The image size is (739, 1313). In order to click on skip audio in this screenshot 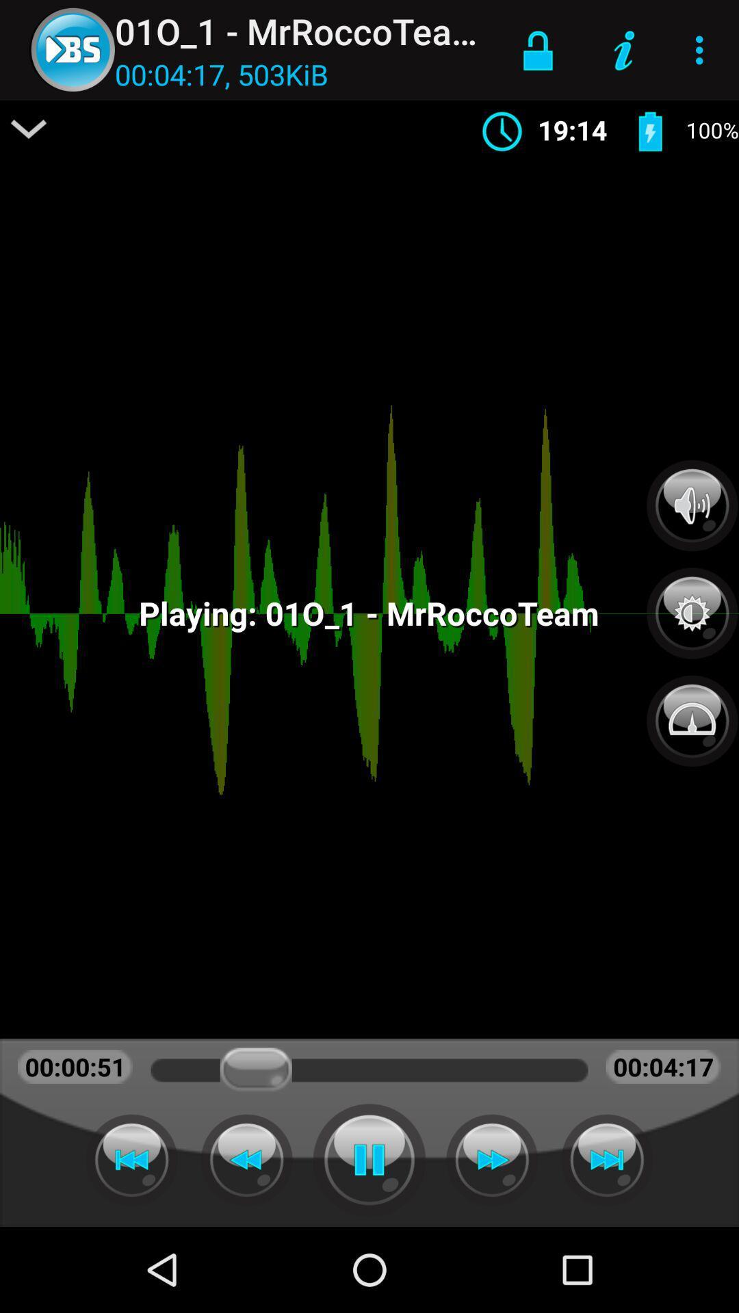, I will do `click(606, 1159)`.